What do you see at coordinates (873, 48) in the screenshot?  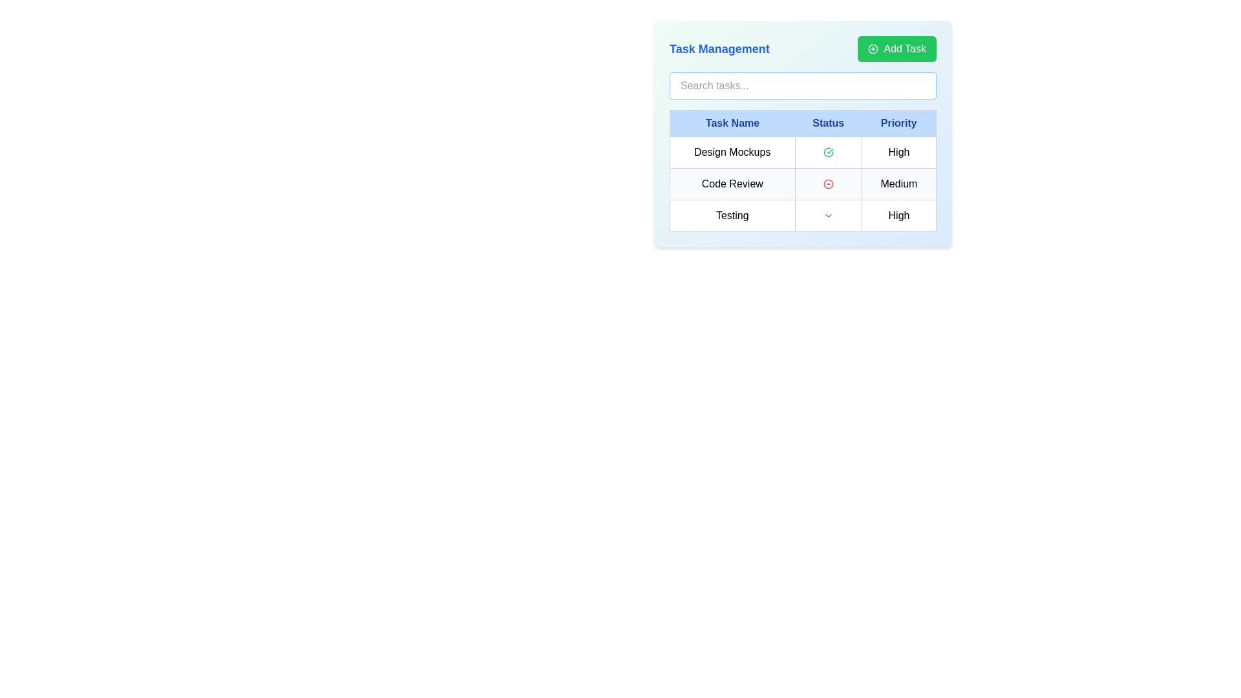 I see `the decorative circle element within the 'Add Task' button located at the top-right corner of the interface` at bounding box center [873, 48].